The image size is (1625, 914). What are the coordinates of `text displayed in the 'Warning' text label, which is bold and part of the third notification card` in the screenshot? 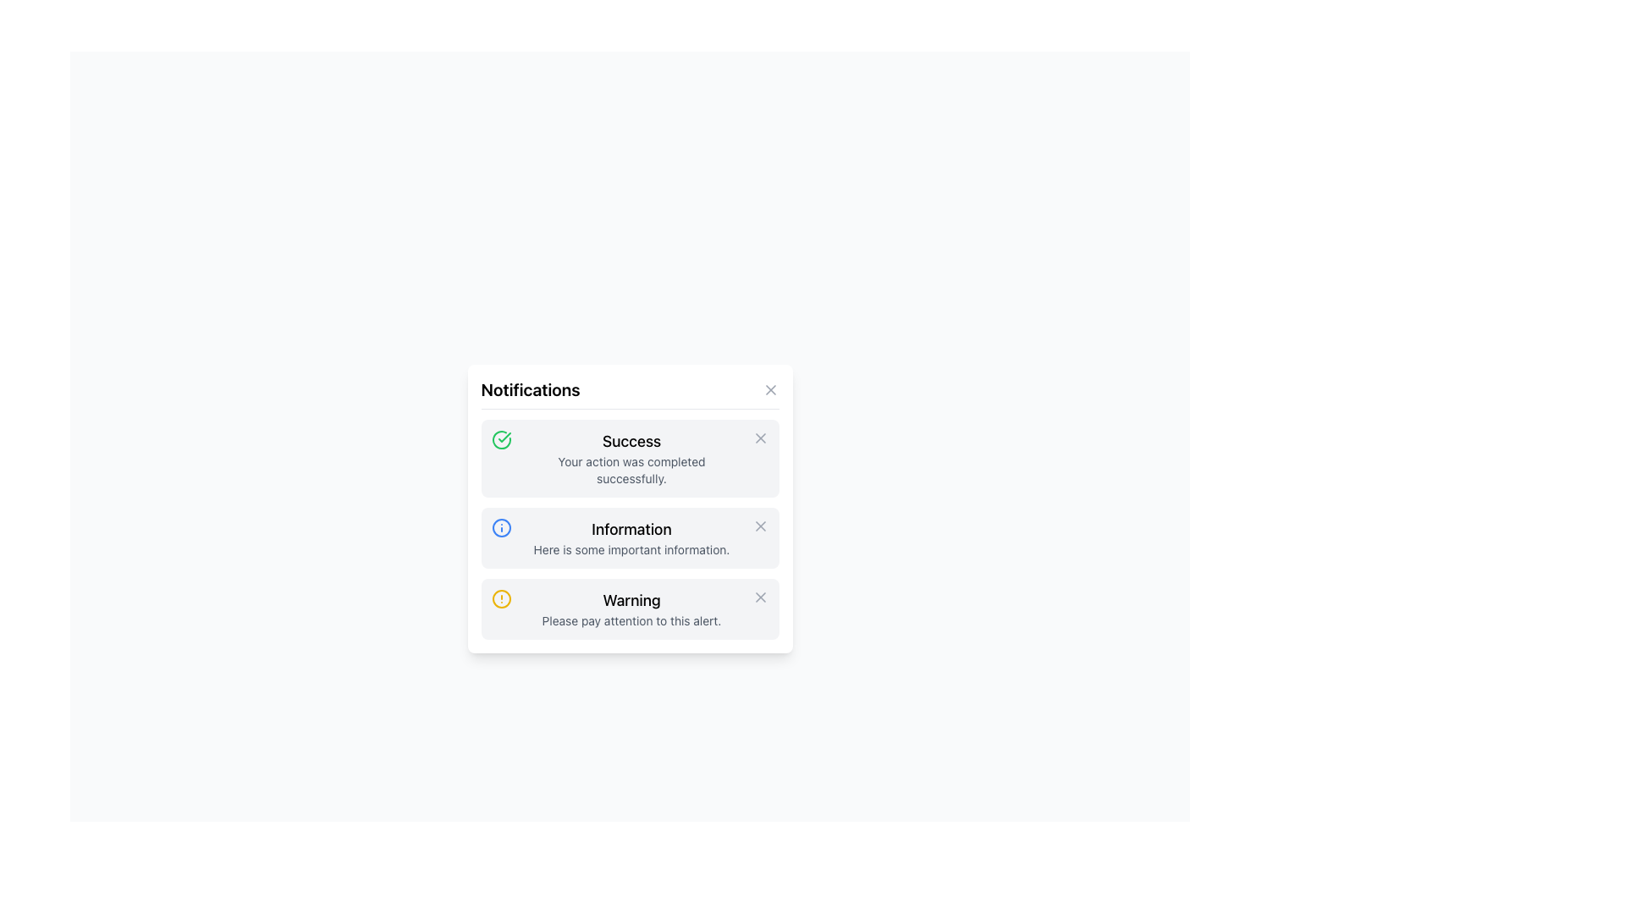 It's located at (631, 599).